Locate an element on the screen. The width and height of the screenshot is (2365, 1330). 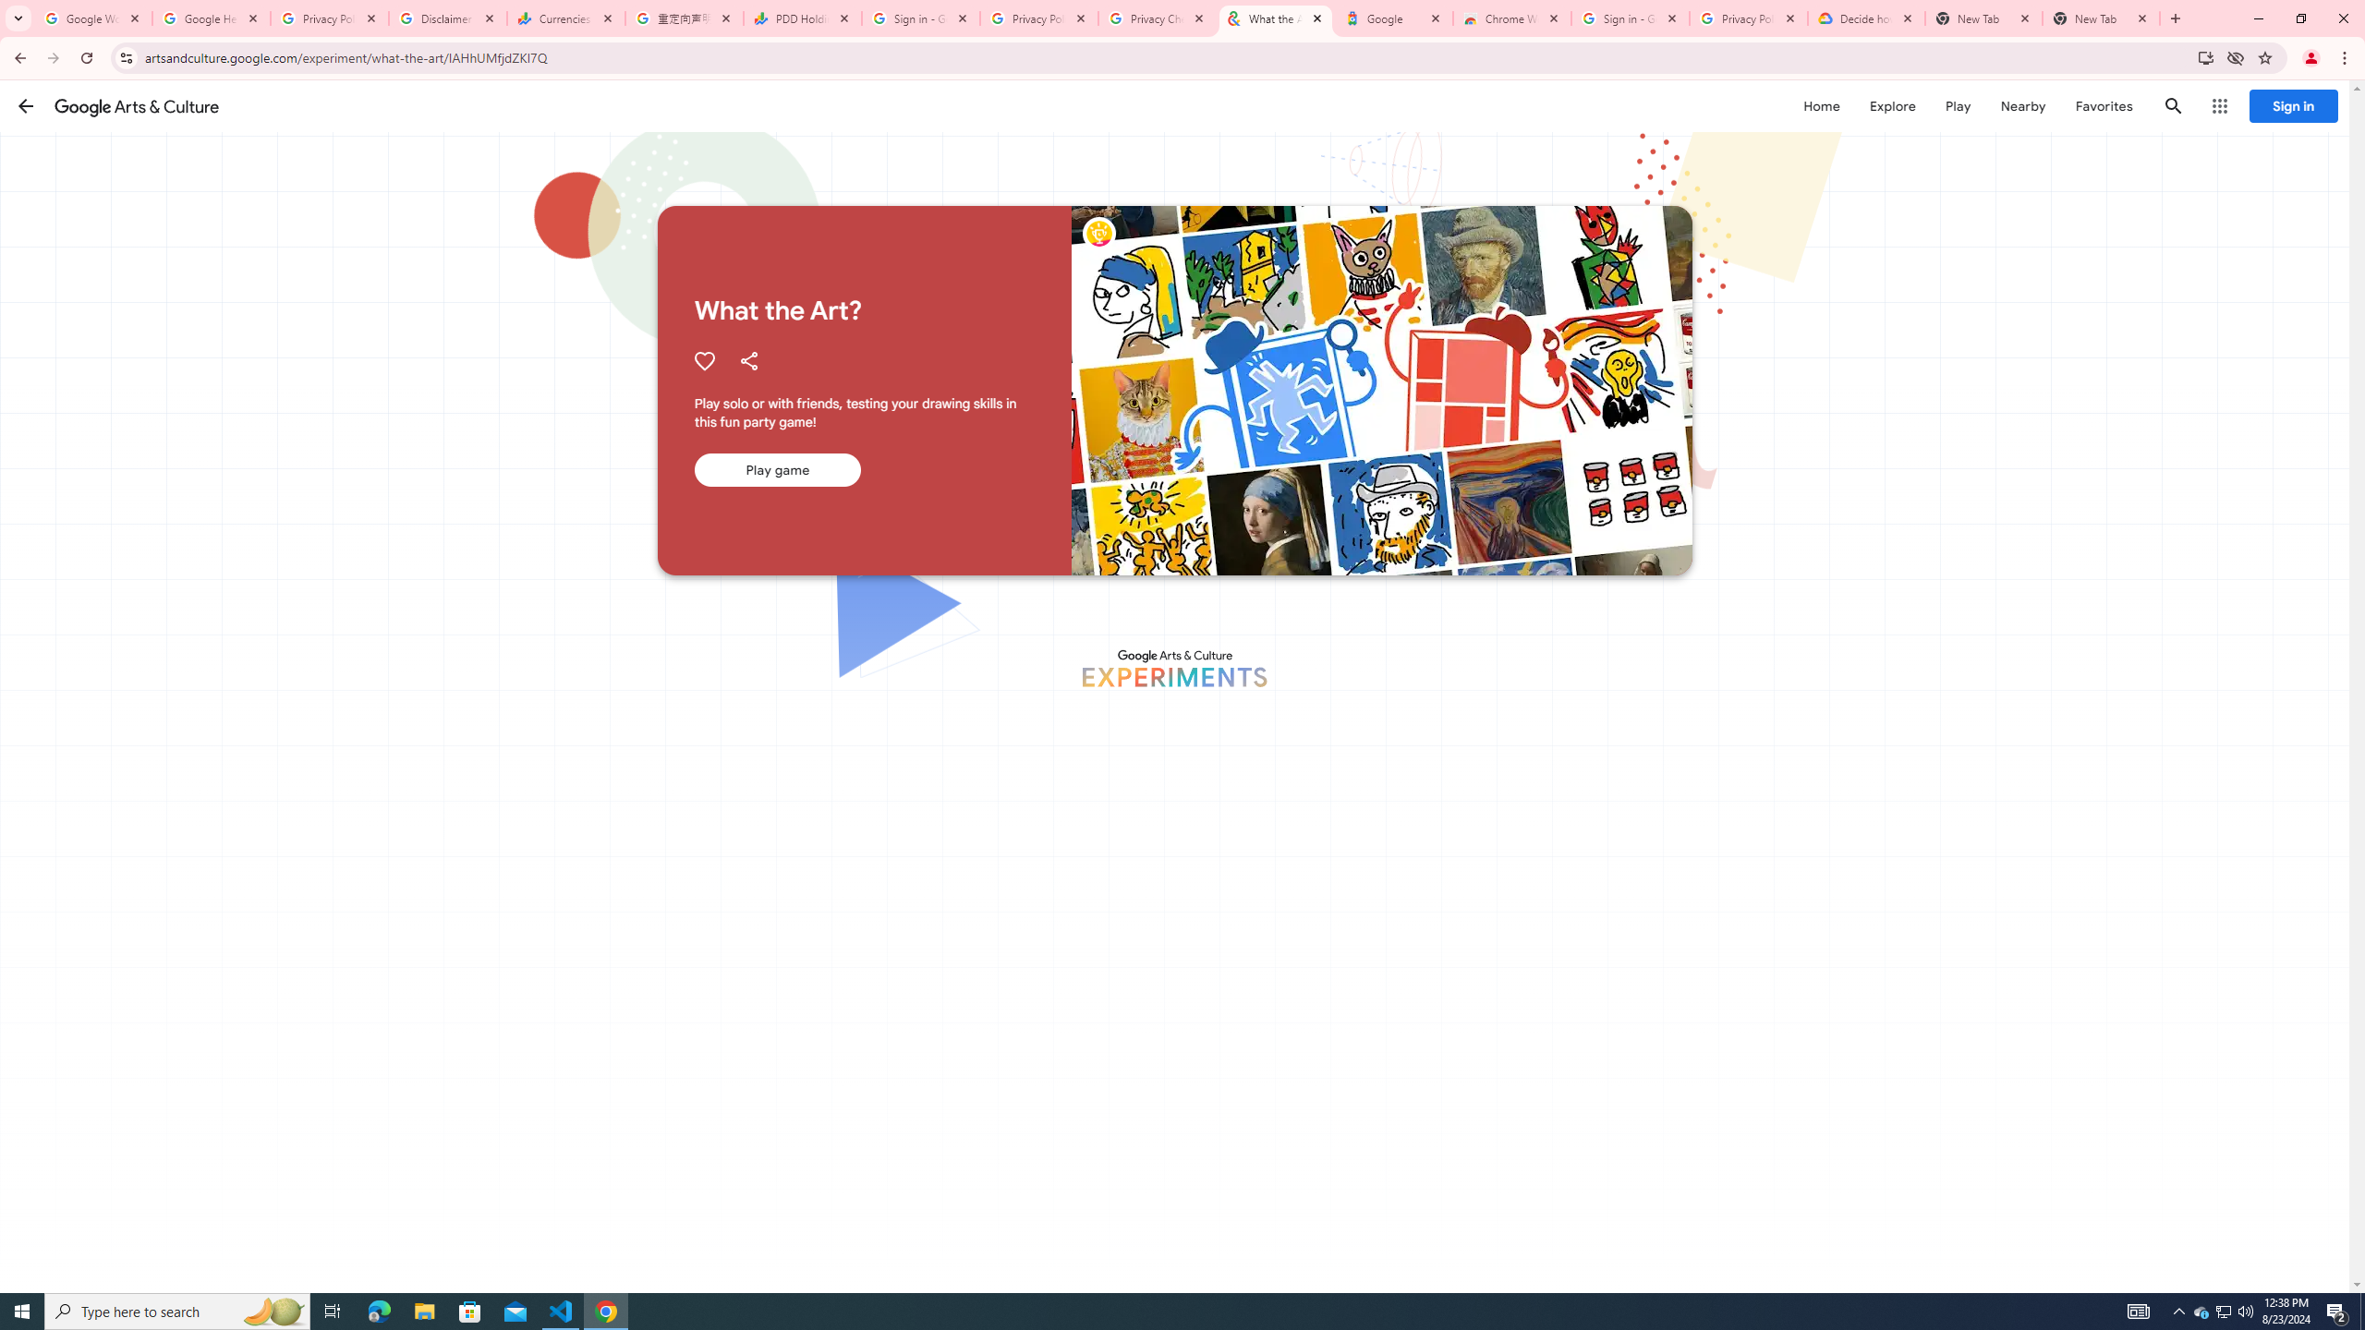
'Google' is located at coordinates (1393, 18).